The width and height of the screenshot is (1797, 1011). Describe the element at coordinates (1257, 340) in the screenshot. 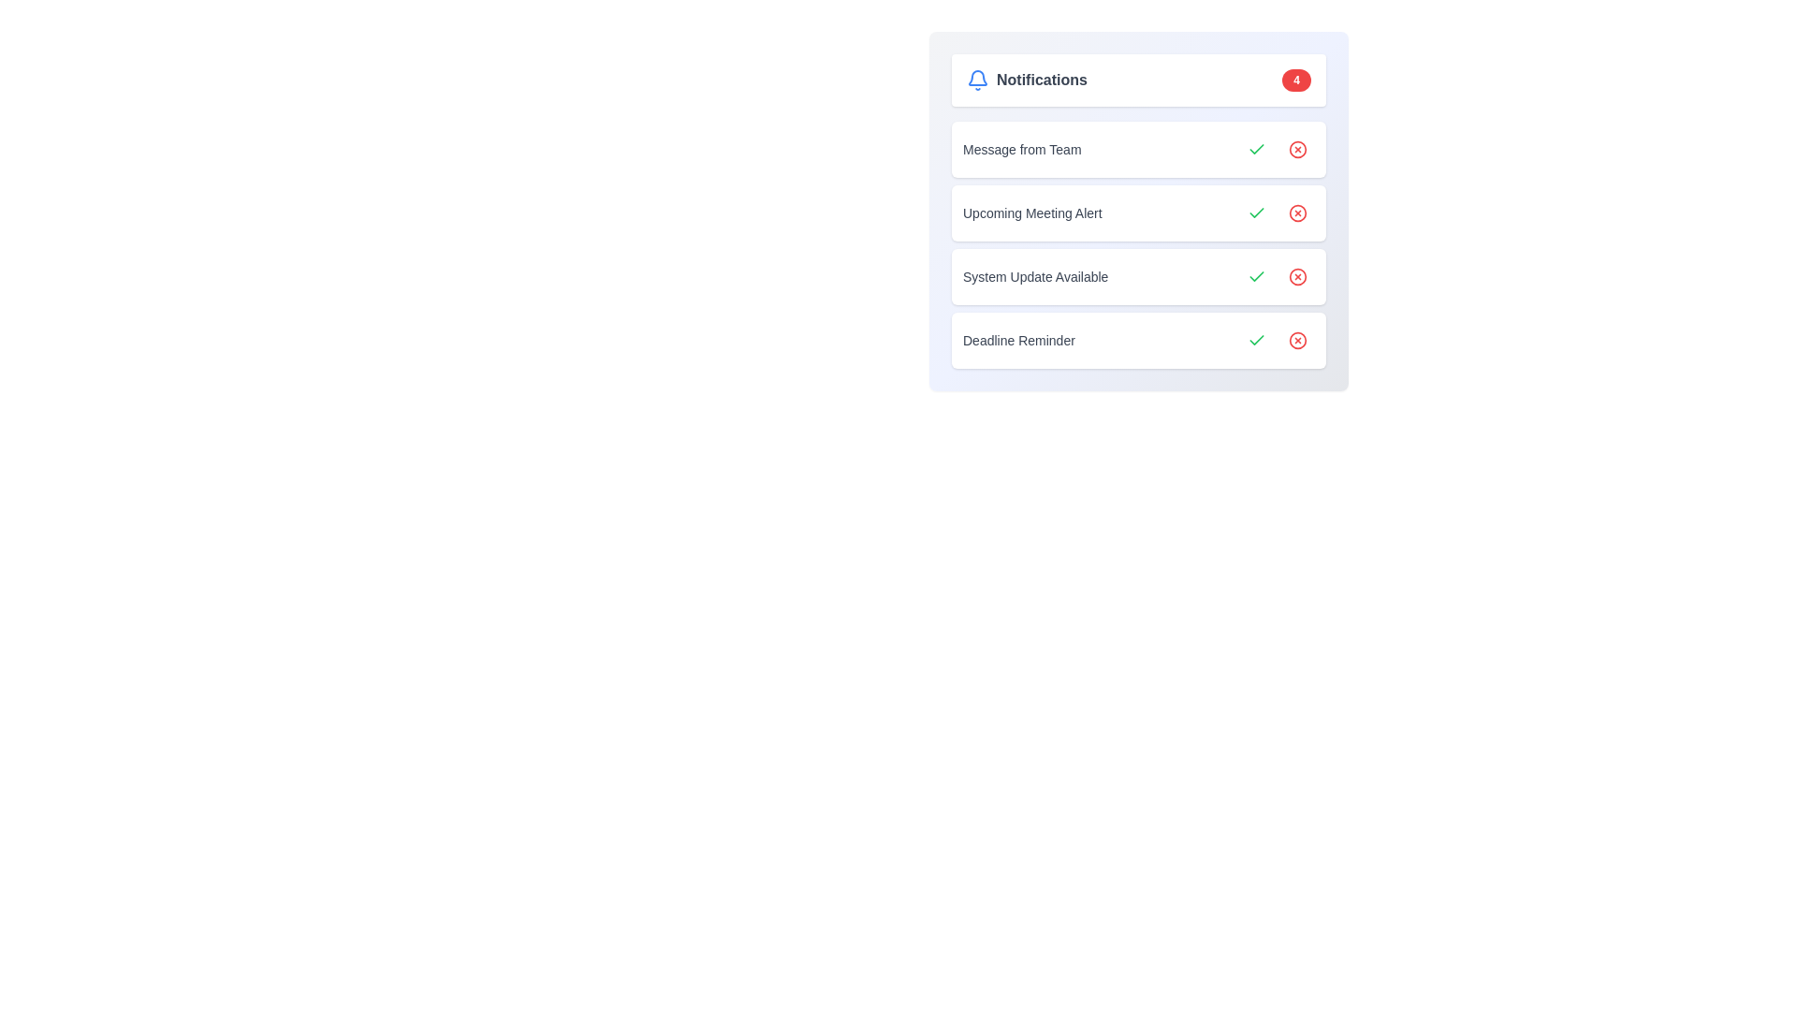

I see `the confirmation button located at the bottom-right corner of the 'Deadline Reminder' notification panel to confirm the action` at that location.